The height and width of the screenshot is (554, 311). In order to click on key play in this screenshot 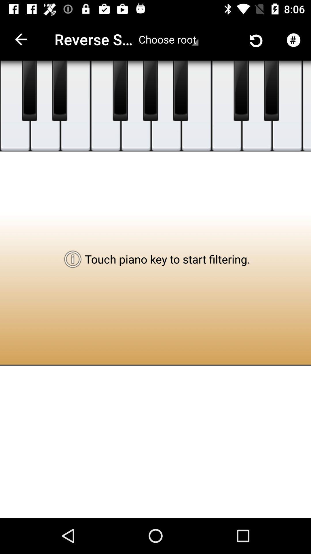, I will do `click(166, 106)`.